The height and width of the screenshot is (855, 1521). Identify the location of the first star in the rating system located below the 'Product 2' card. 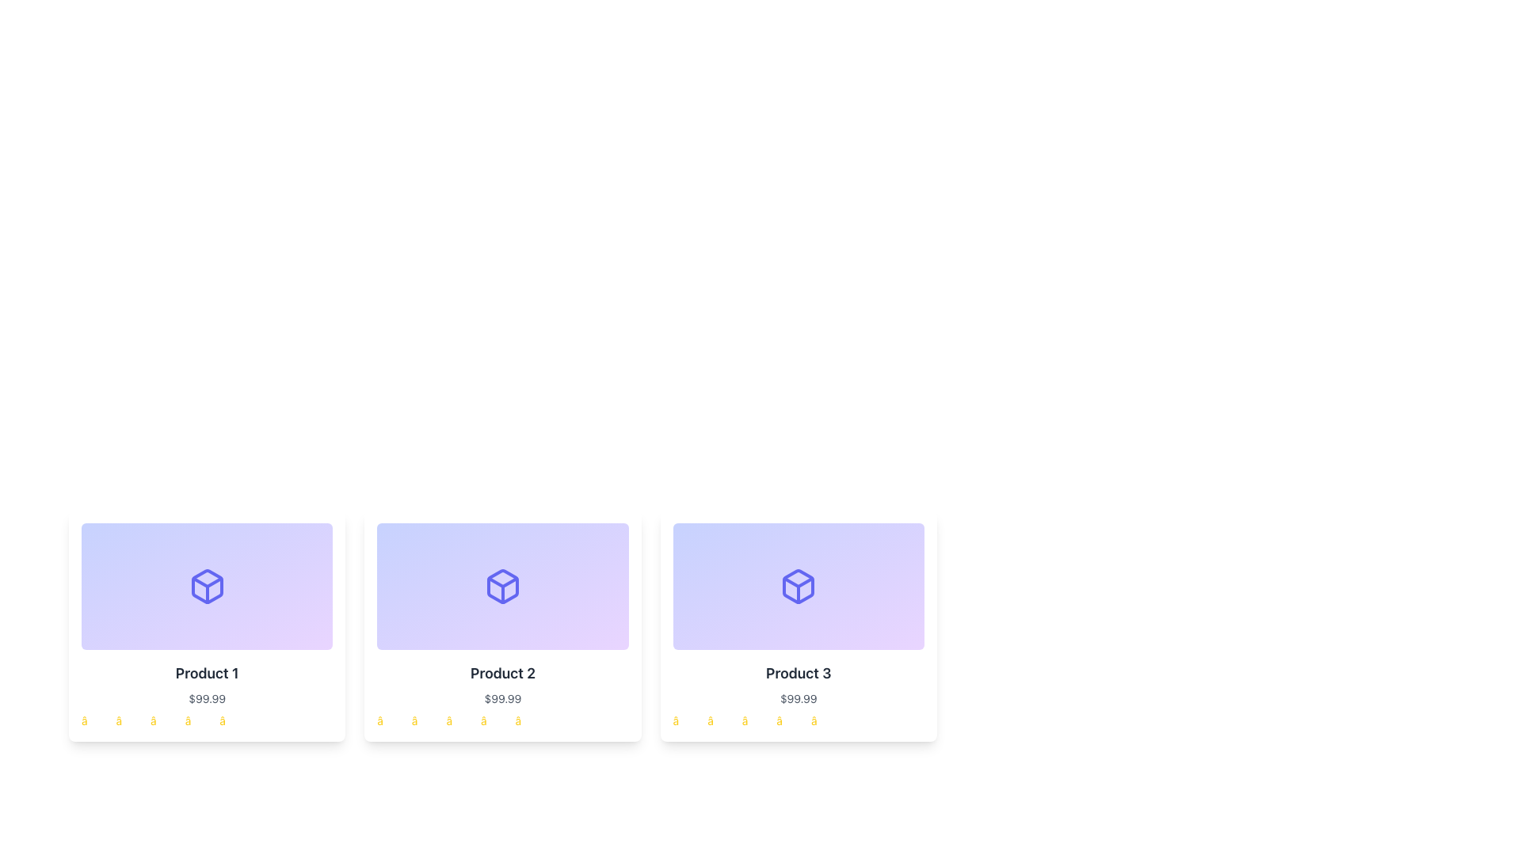
(391, 720).